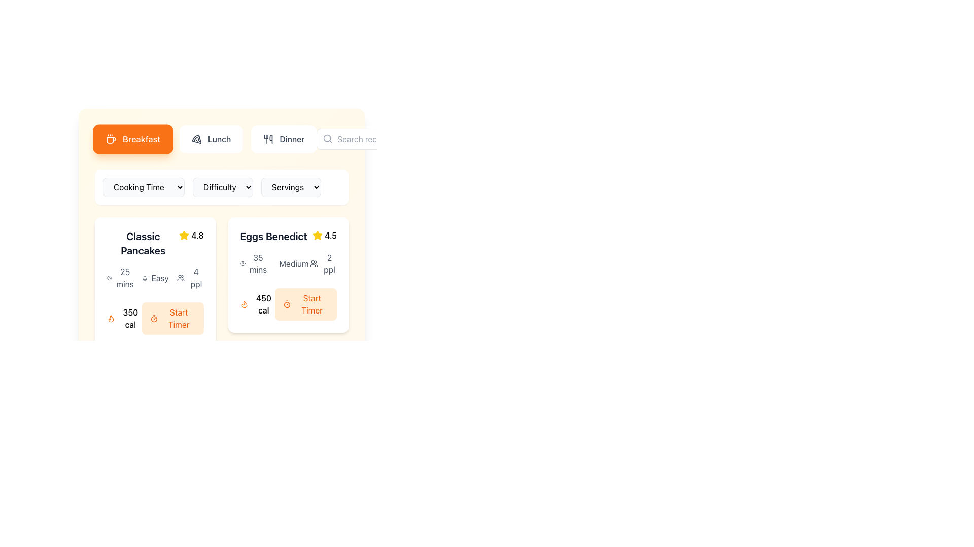 The height and width of the screenshot is (547, 974). What do you see at coordinates (196, 278) in the screenshot?
I see `the text label displaying '4 ppl' which is located under the section for 'Classic Pancakes' to associate with recipe details` at bounding box center [196, 278].